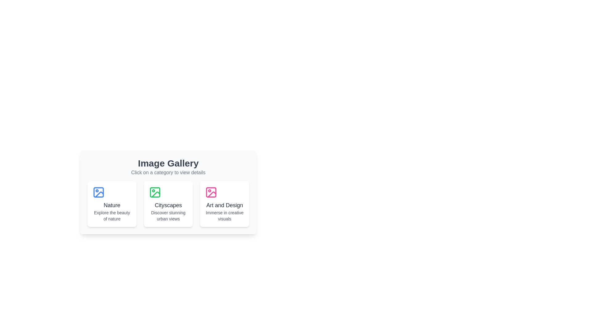 The width and height of the screenshot is (592, 333). Describe the element at coordinates (155, 192) in the screenshot. I see `the 'Cityscapes' category icon in the gallery interface, which provides a visual indication of urban content` at that location.